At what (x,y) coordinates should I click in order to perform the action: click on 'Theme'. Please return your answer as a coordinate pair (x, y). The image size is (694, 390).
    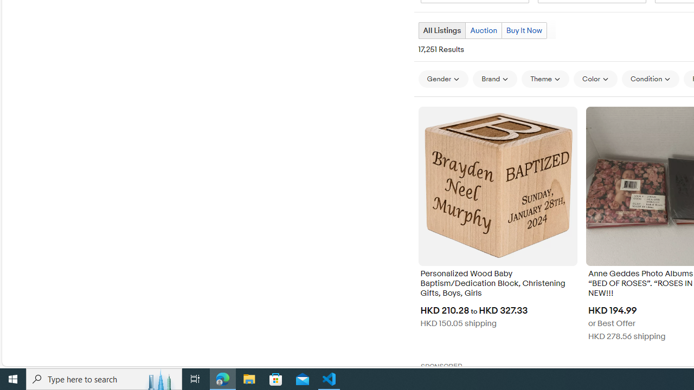
    Looking at the image, I should click on (545, 79).